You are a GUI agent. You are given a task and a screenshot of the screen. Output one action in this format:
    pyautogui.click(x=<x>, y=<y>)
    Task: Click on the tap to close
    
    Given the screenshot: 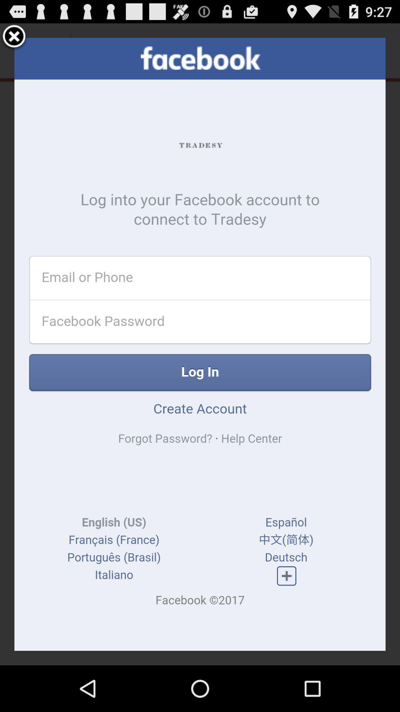 What is the action you would take?
    pyautogui.click(x=14, y=37)
    